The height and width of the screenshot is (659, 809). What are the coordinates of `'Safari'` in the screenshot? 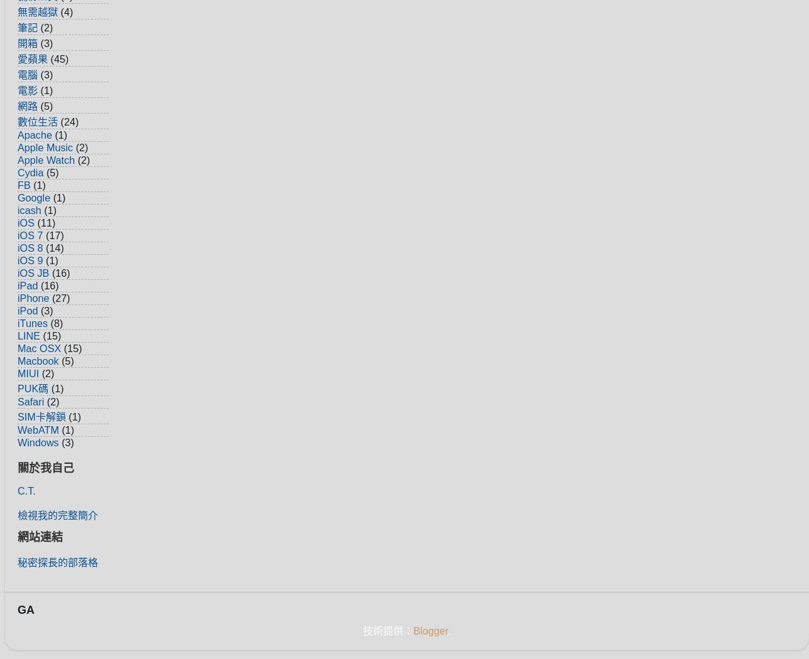 It's located at (30, 400).